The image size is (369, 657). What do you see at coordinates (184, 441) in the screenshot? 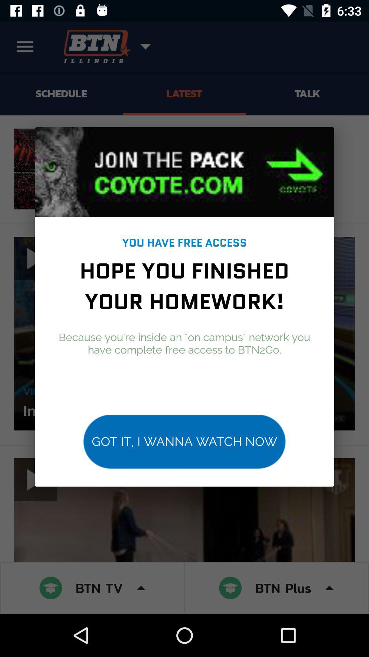
I see `got it i` at bounding box center [184, 441].